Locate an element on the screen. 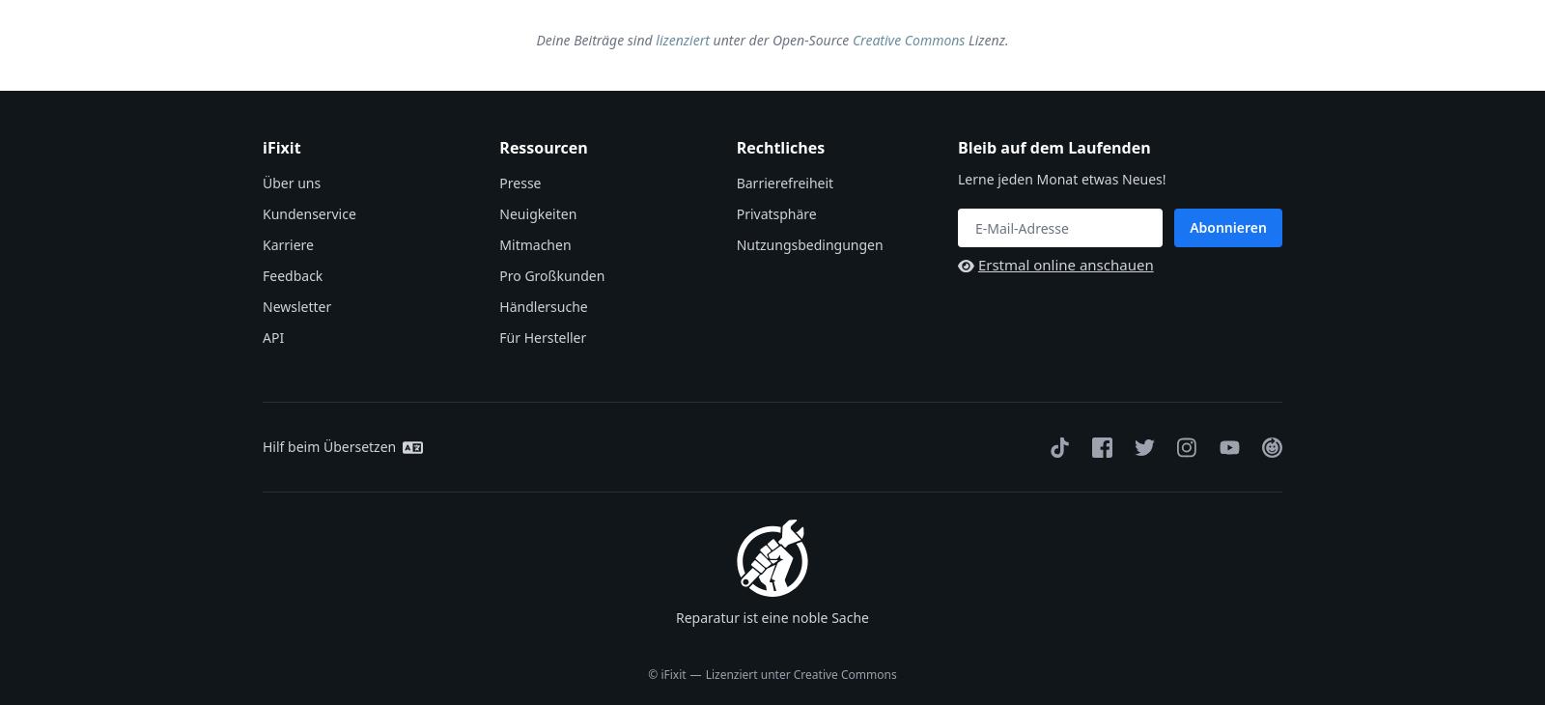 The height and width of the screenshot is (705, 1545). 'Mitmachen' is located at coordinates (534, 244).